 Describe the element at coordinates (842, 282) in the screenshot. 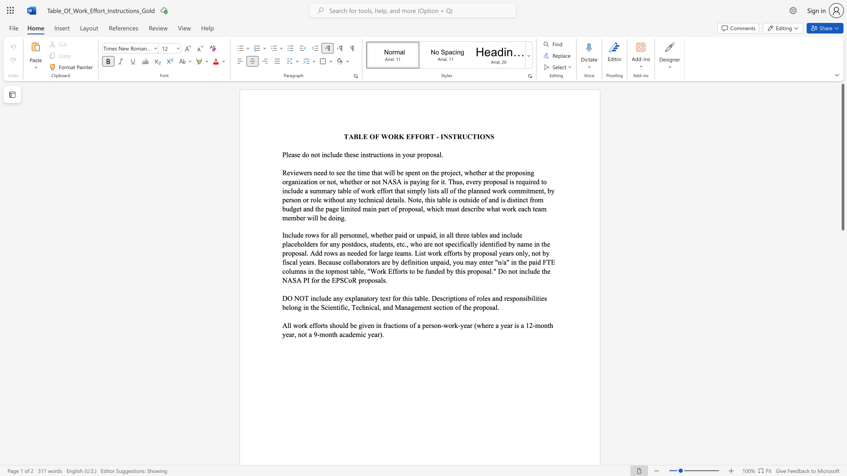

I see `the scrollbar on the right to move the page downward` at that location.